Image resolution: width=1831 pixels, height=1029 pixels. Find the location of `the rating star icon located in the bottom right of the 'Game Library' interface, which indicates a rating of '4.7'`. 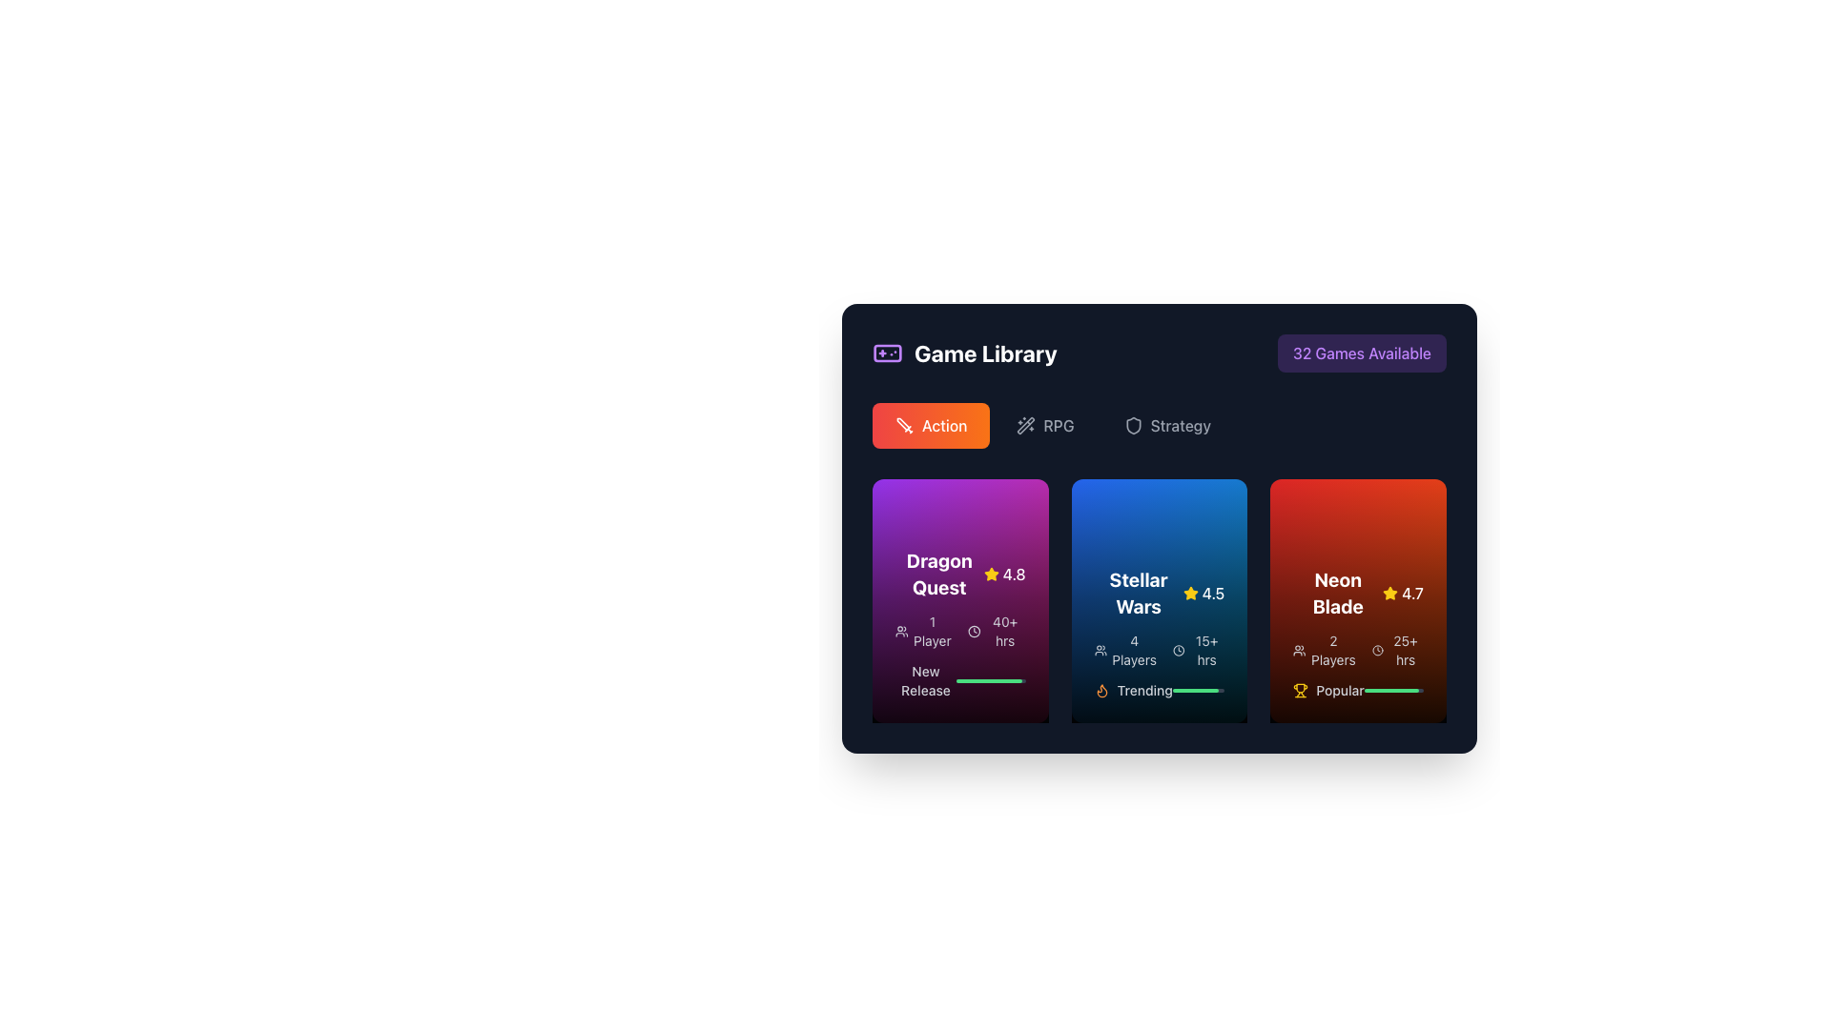

the rating star icon located in the bottom right of the 'Game Library' interface, which indicates a rating of '4.7' is located at coordinates (1390, 593).